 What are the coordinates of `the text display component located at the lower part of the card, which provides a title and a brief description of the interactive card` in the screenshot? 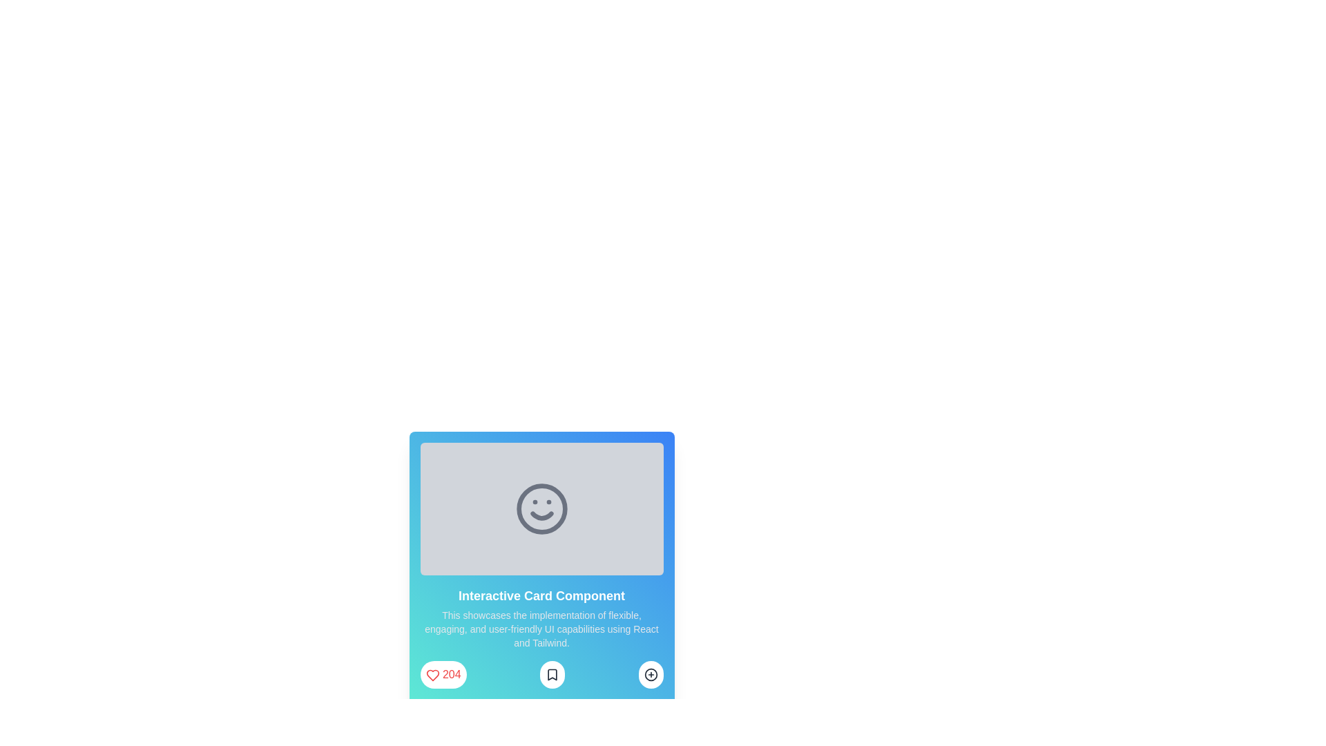 It's located at (541, 617).